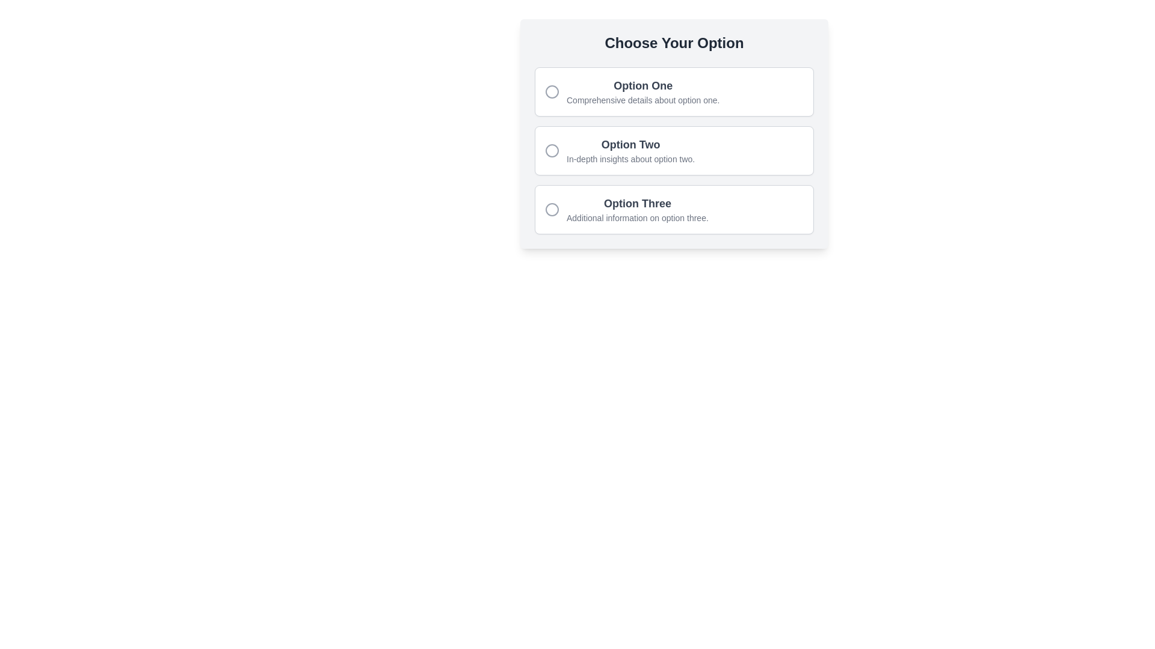 This screenshot has width=1155, height=649. What do you see at coordinates (642, 91) in the screenshot?
I see `the text block that conveys the selectable option title and details, located at the center of the top card in the vertical list of options` at bounding box center [642, 91].